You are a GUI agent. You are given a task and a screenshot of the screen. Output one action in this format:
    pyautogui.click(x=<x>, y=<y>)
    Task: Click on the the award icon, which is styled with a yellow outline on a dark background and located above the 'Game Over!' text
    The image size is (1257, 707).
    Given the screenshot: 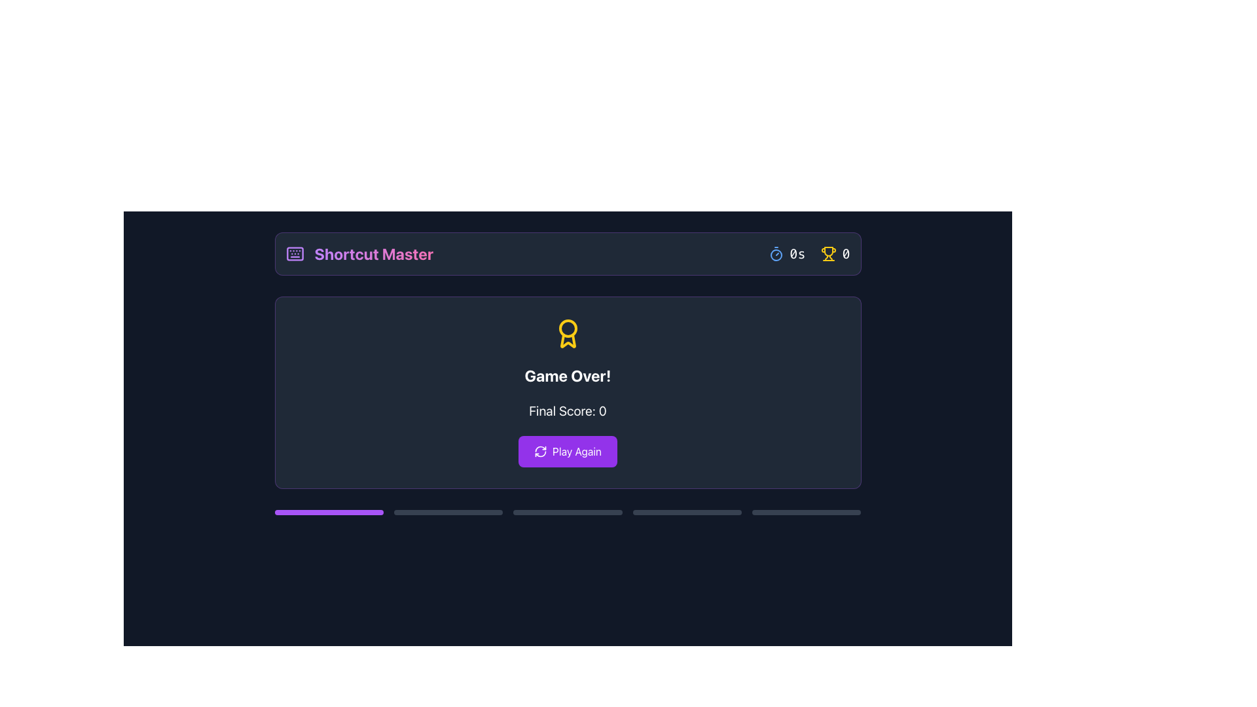 What is the action you would take?
    pyautogui.click(x=568, y=333)
    